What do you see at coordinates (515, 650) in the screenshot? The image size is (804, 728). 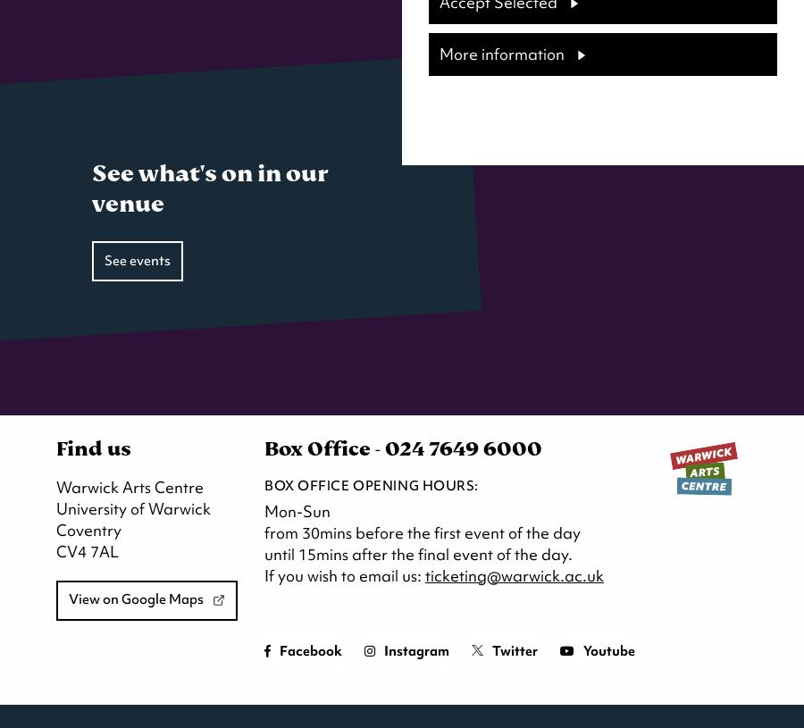 I see `'Twitter'` at bounding box center [515, 650].